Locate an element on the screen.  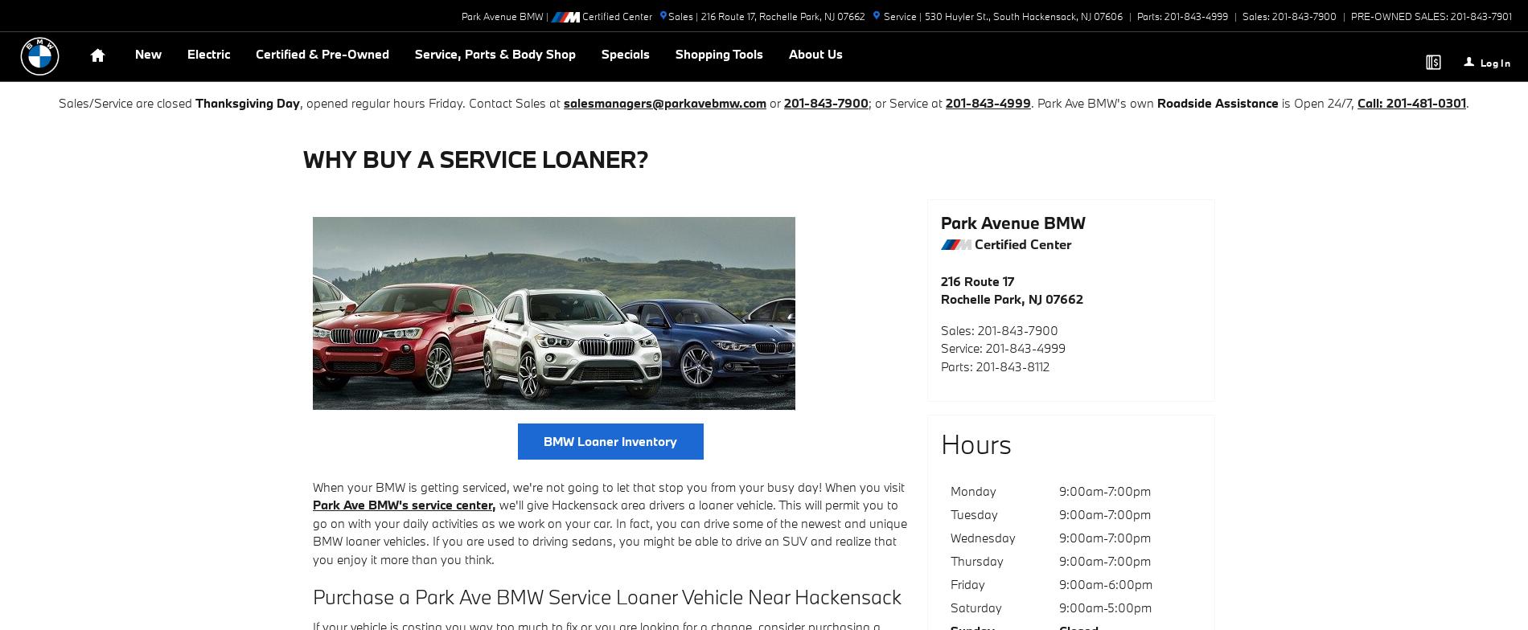
'|' is located at coordinates (546, 15).